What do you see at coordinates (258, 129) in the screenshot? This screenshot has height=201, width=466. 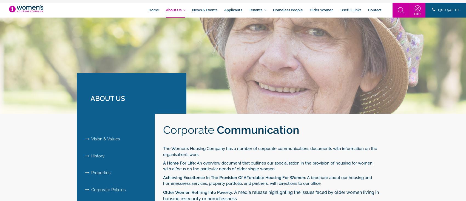 I see `'Communication'` at bounding box center [258, 129].